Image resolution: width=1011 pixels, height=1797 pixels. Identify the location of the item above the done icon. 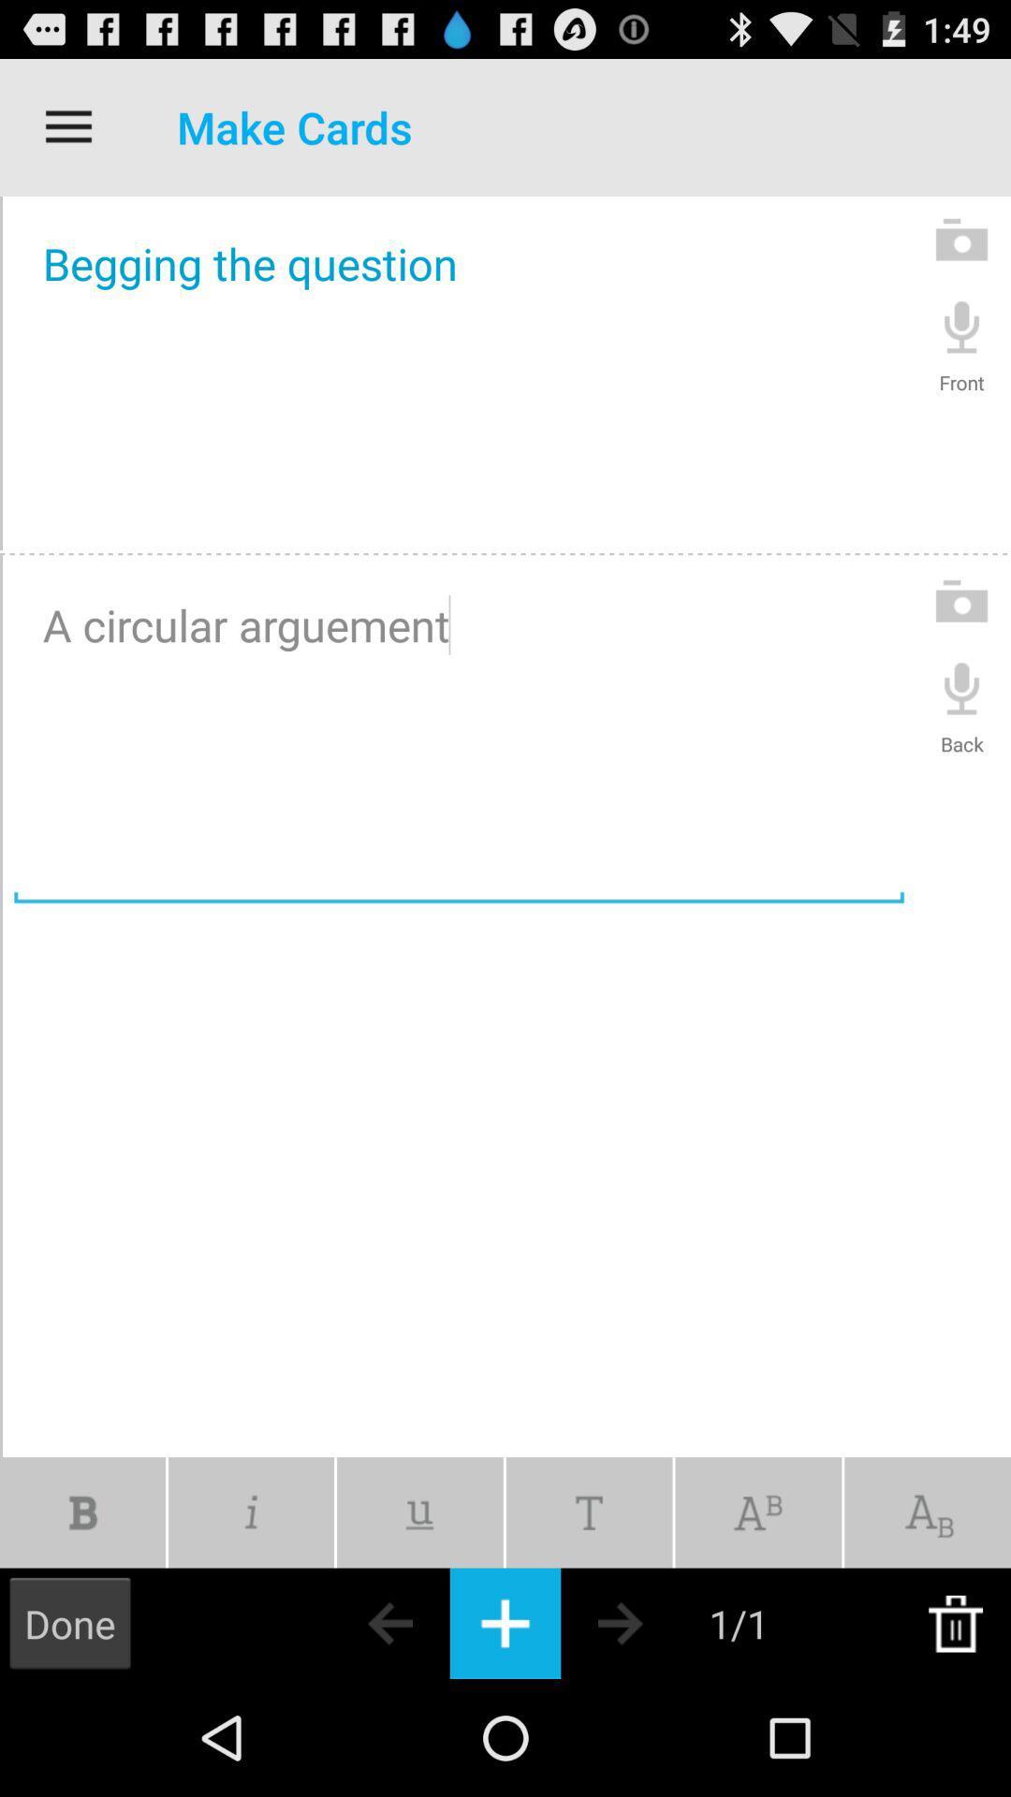
(81, 1512).